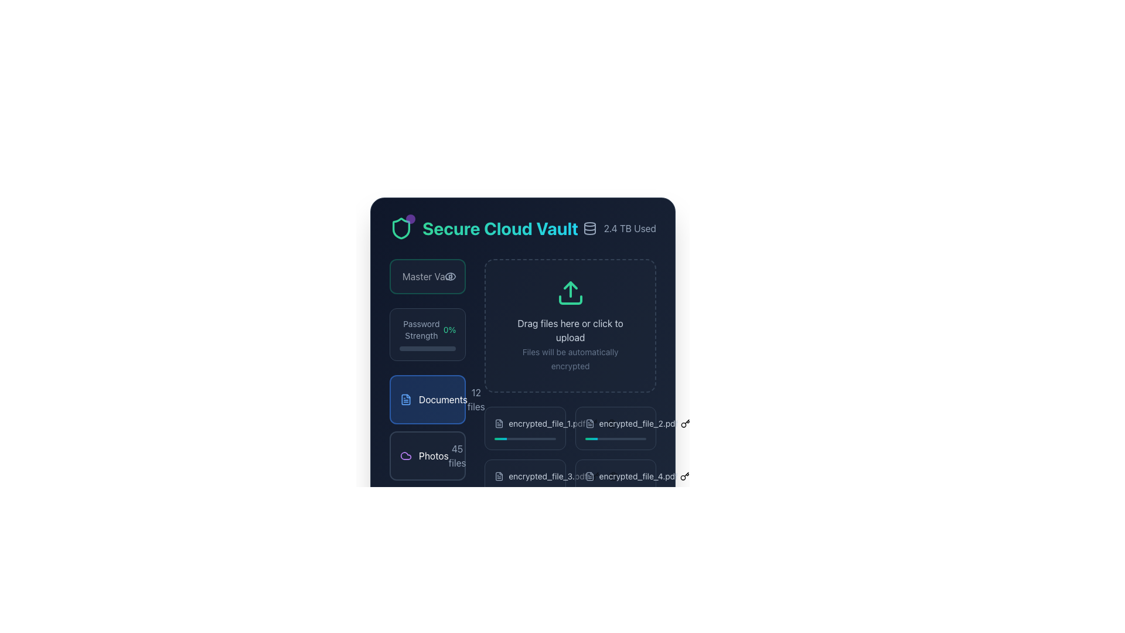 The height and width of the screenshot is (633, 1125). I want to click on the decorative security icon located in the top-left section of the interface, adjacent to the 'Secure Cloud Vault' title, so click(401, 228).